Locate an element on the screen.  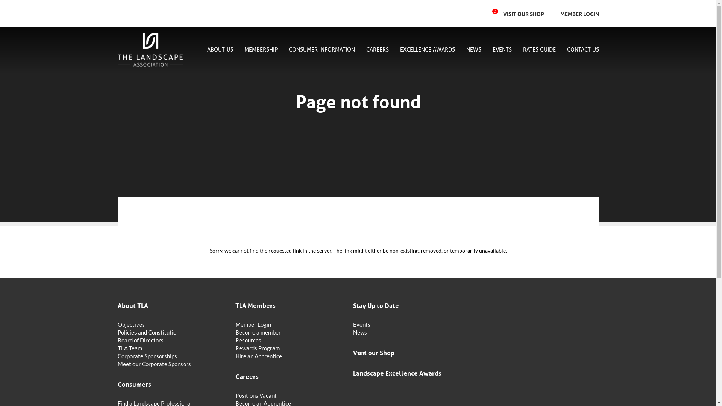
'EVENTS' is located at coordinates (493, 50).